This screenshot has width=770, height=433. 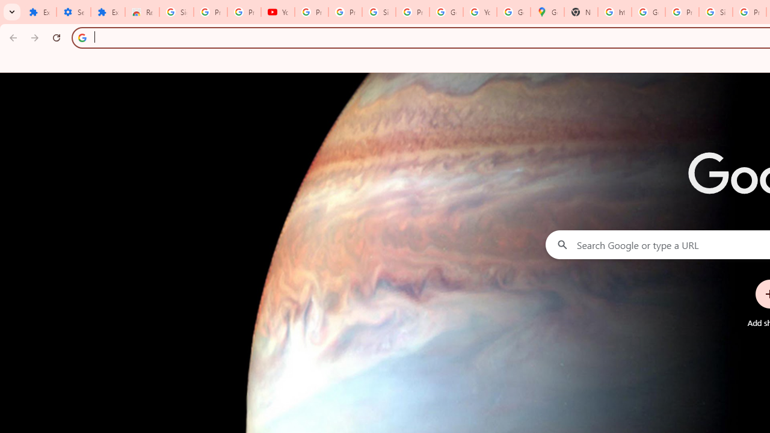 I want to click on 'Reviews: Helix Fruit Jump Arcade Game', so click(x=142, y=12).